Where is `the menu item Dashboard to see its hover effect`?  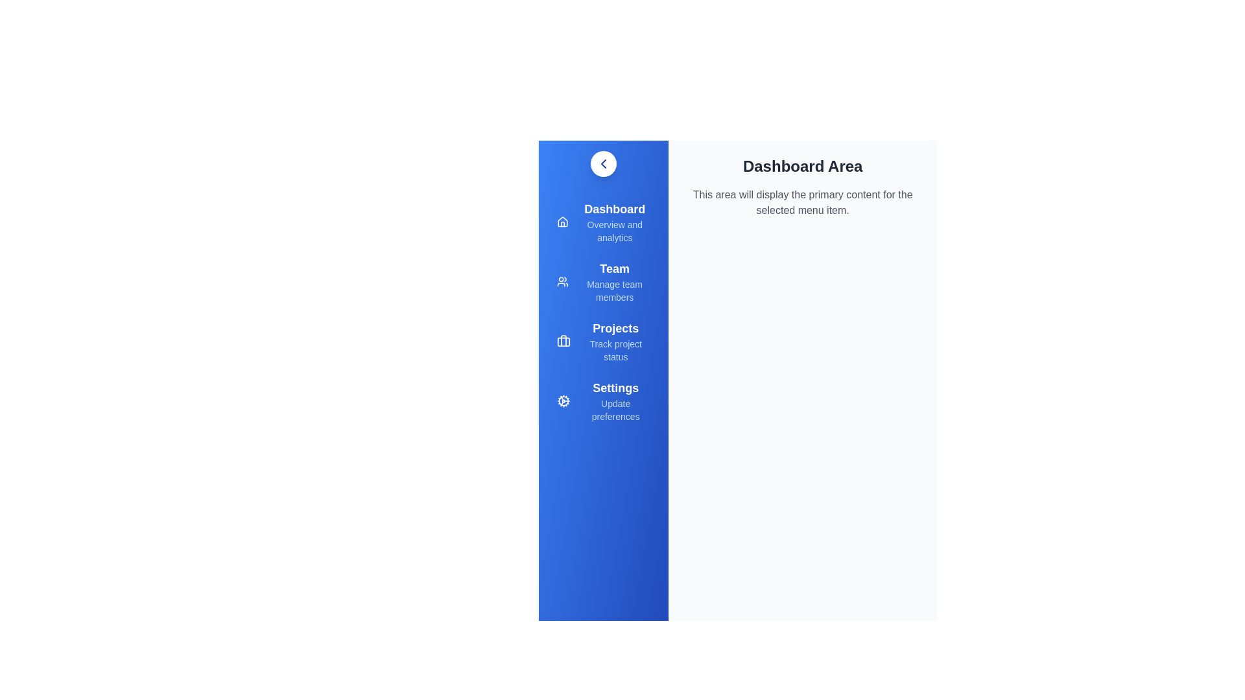 the menu item Dashboard to see its hover effect is located at coordinates (603, 222).